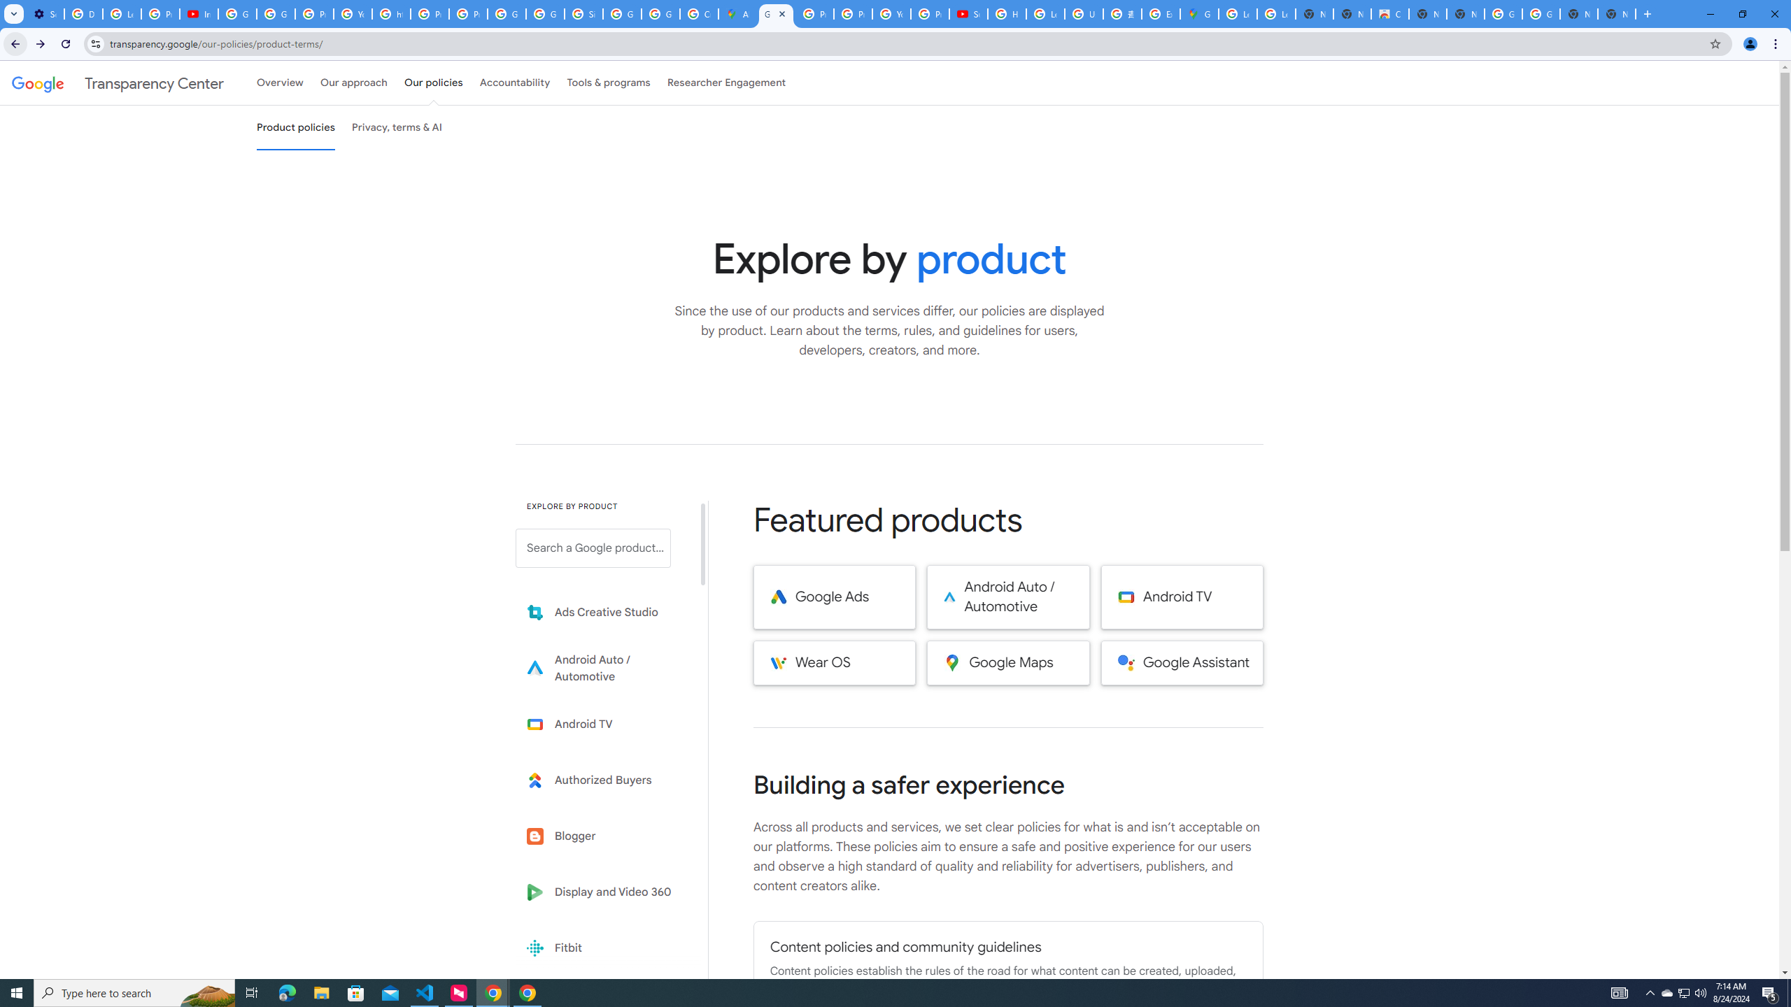 This screenshot has width=1791, height=1007. What do you see at coordinates (602, 892) in the screenshot?
I see `'Display and Video 360'` at bounding box center [602, 892].